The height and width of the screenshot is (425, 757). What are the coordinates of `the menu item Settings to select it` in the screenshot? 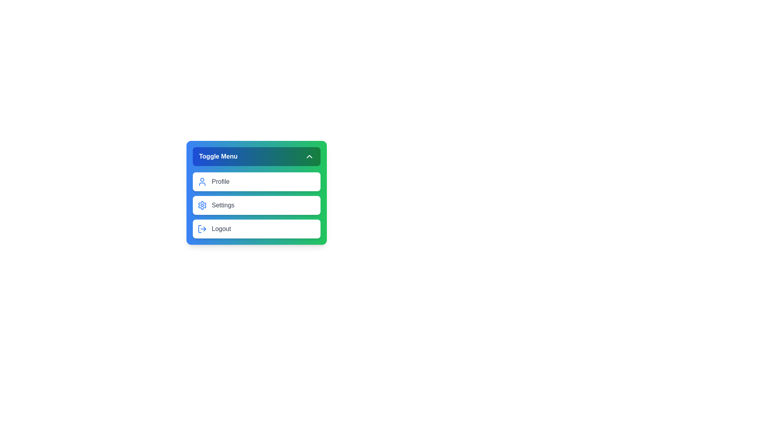 It's located at (257, 205).